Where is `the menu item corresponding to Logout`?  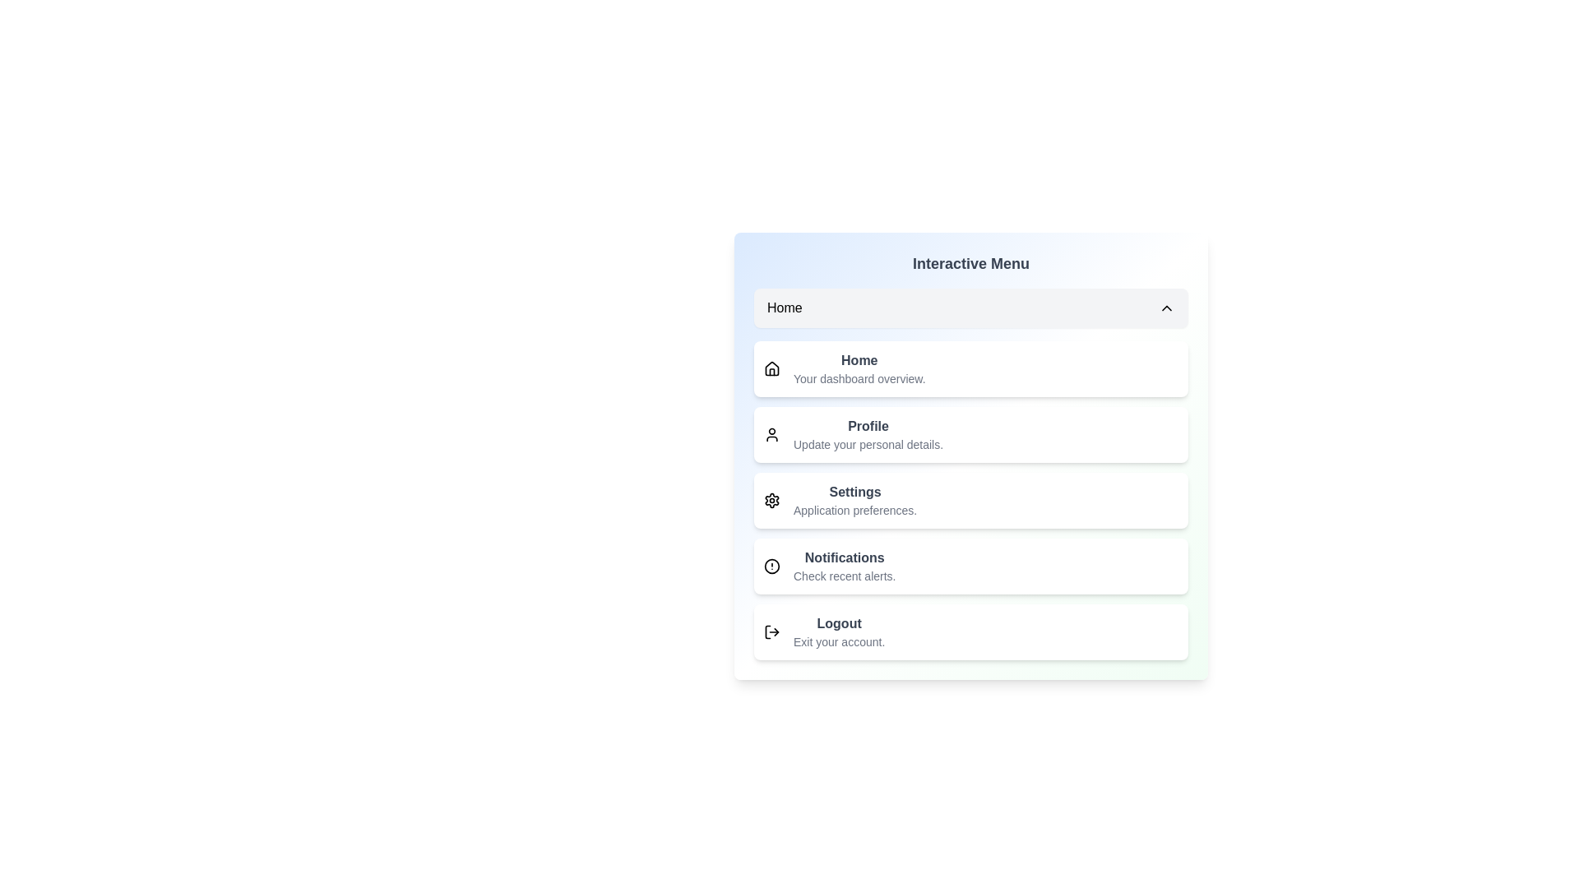
the menu item corresponding to Logout is located at coordinates (970, 631).